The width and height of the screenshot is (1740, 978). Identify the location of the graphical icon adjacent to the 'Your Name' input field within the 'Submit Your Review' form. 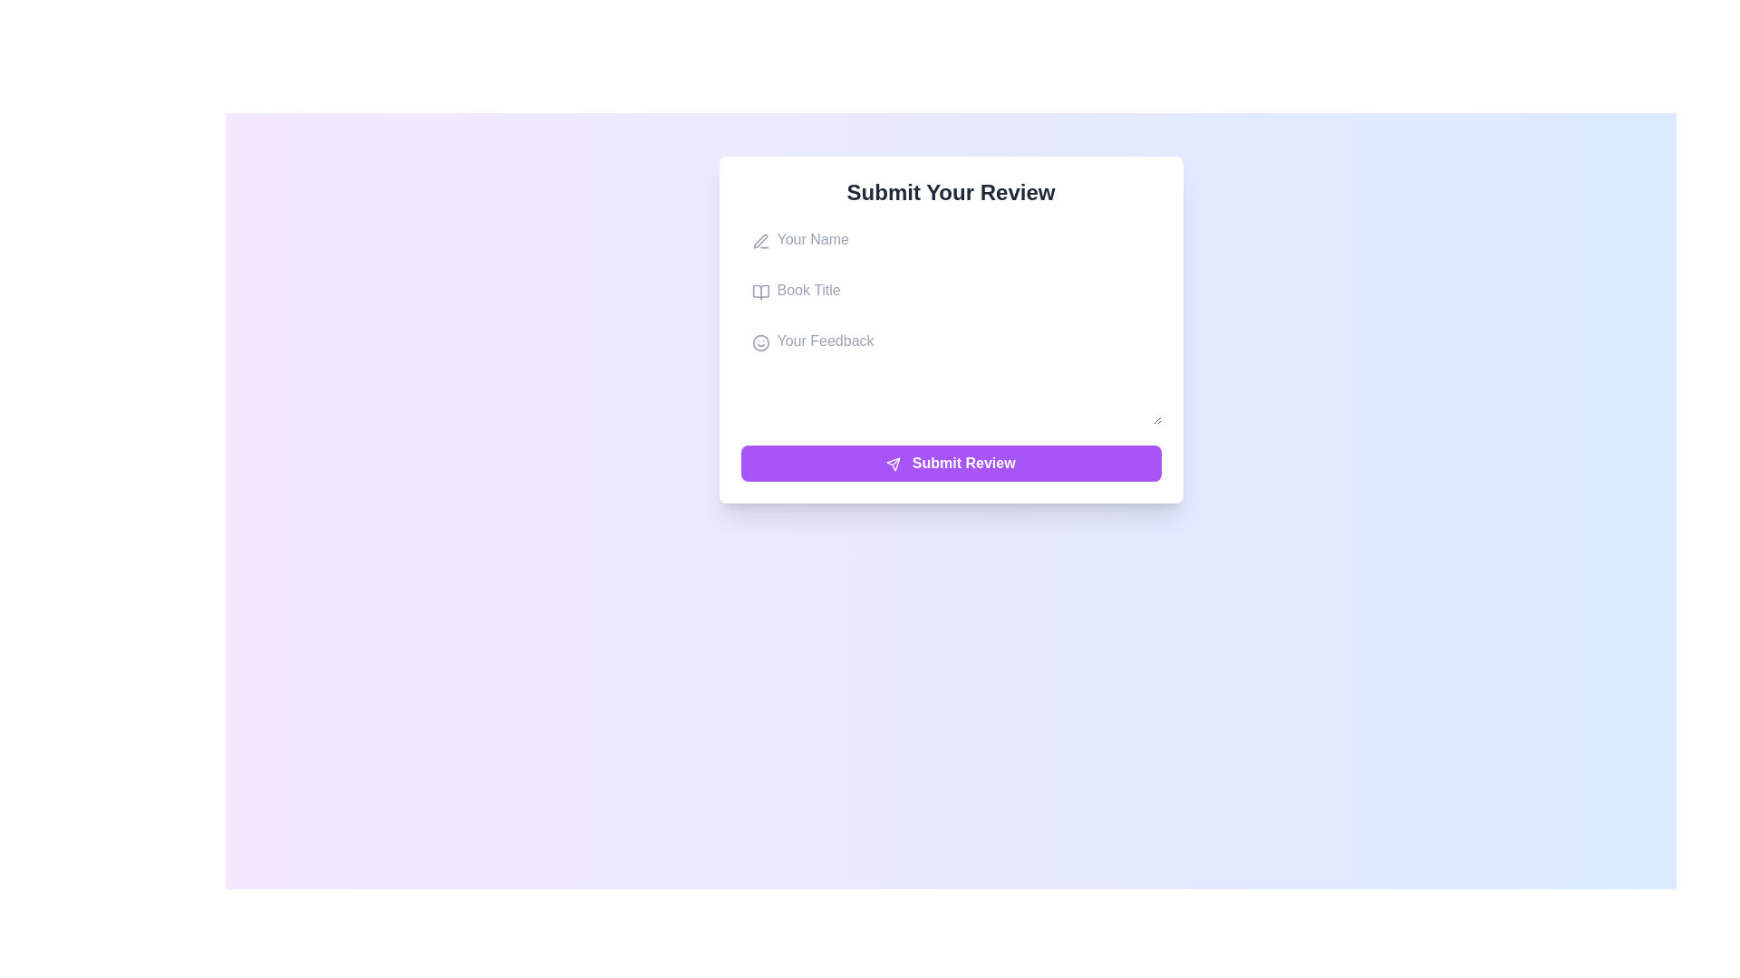
(760, 240).